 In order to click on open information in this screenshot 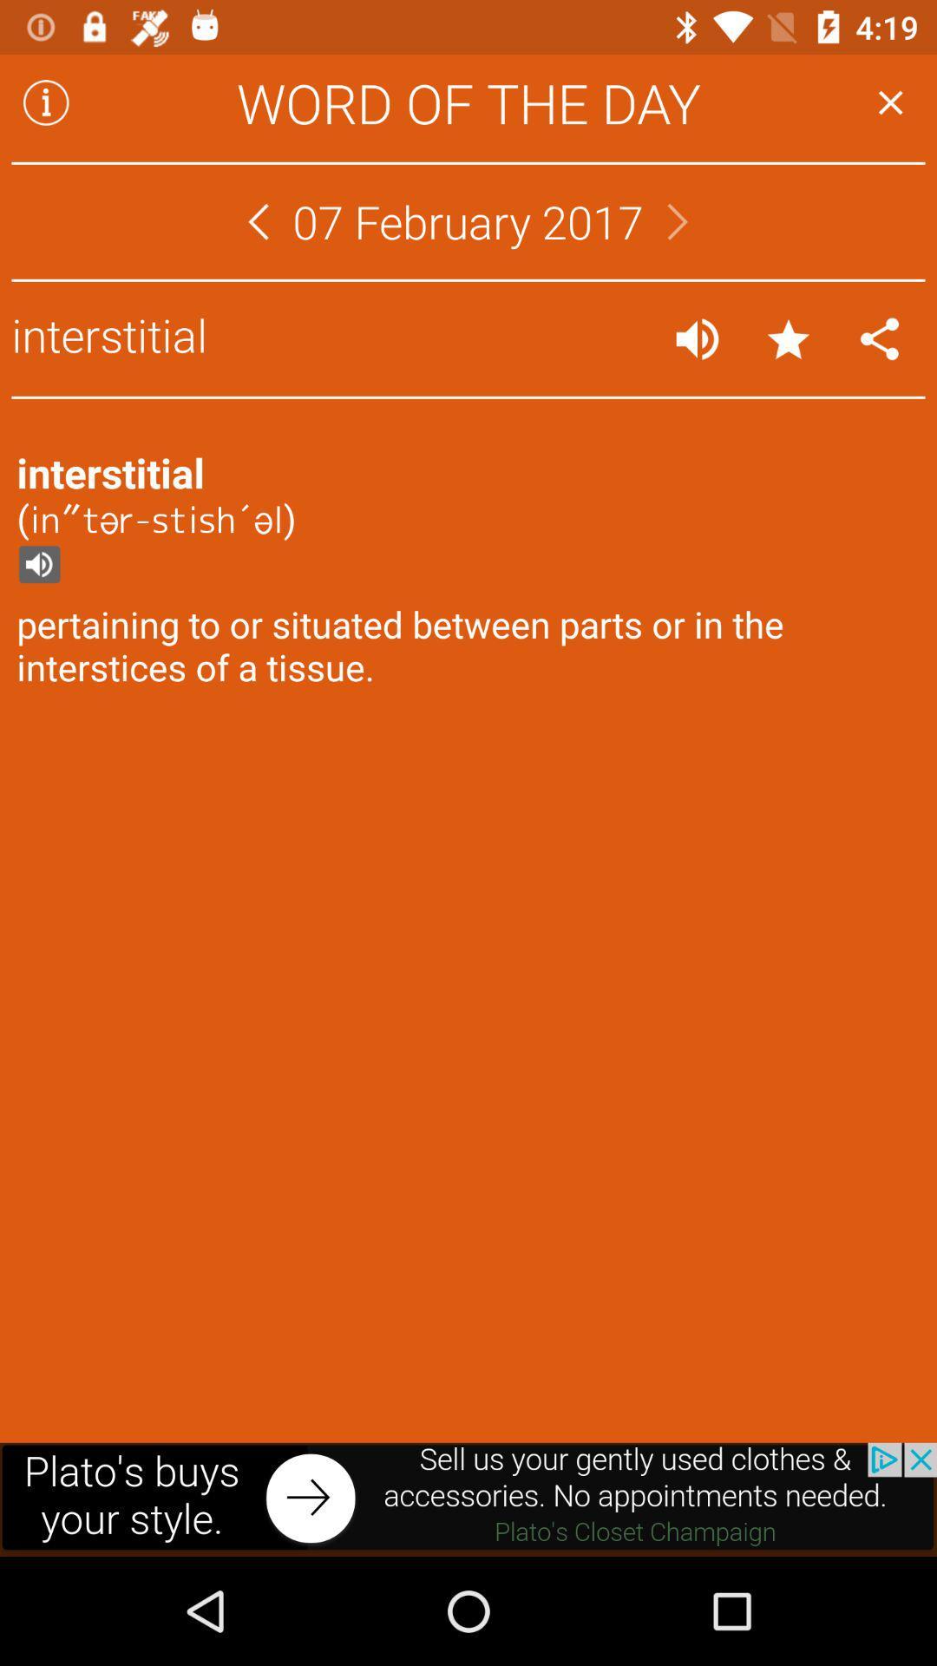, I will do `click(45, 102)`.